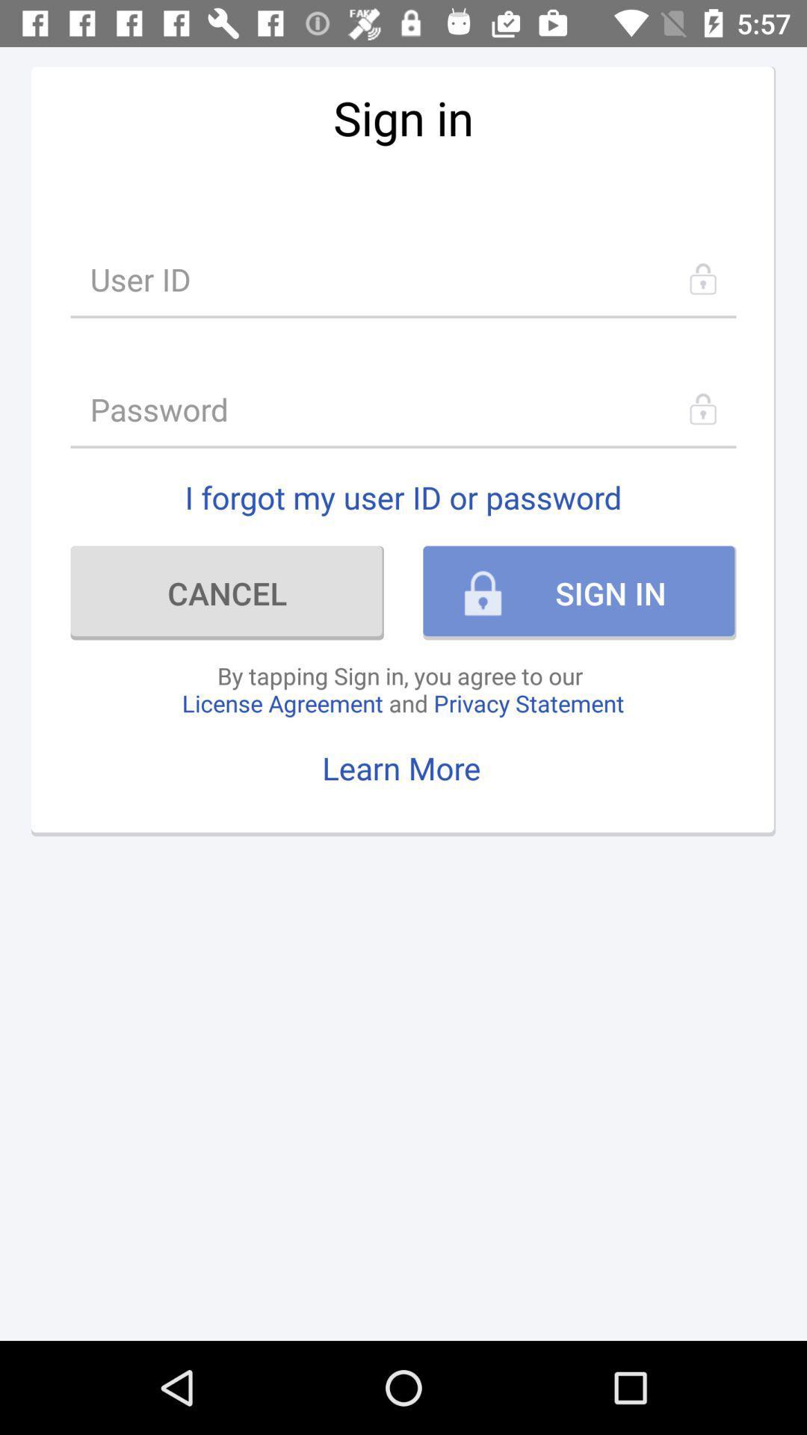  Describe the element at coordinates (403, 279) in the screenshot. I see `user id` at that location.